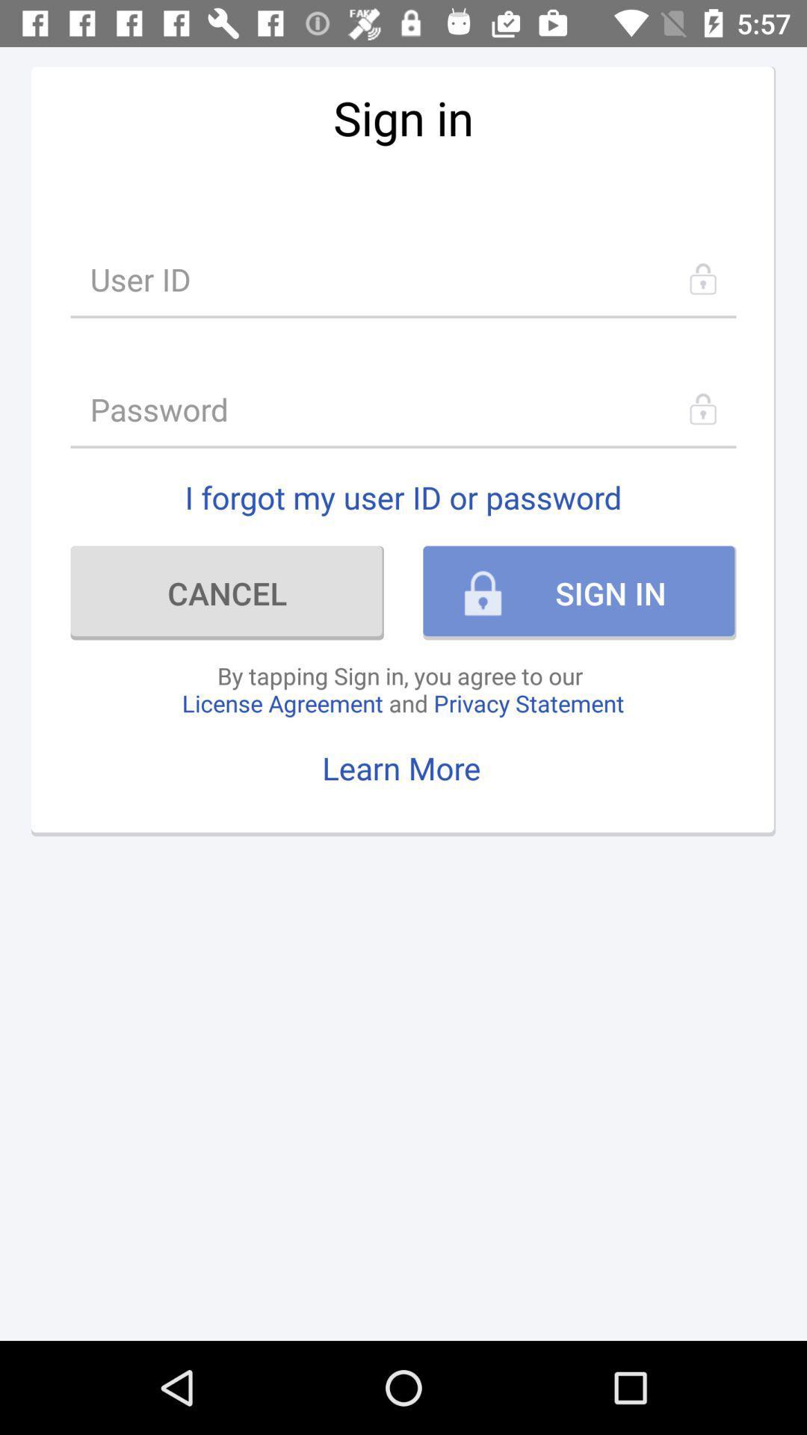  Describe the element at coordinates (403, 279) in the screenshot. I see `user id` at that location.